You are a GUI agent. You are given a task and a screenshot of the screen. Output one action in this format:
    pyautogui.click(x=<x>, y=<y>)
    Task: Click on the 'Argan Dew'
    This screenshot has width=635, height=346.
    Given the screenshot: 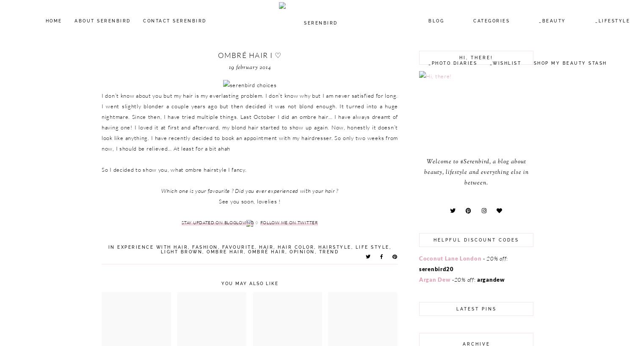 What is the action you would take?
    pyautogui.click(x=435, y=279)
    